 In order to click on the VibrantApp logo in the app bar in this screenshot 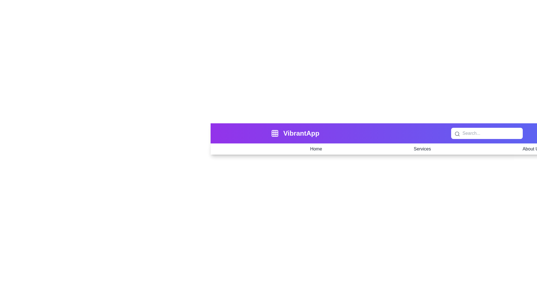, I will do `click(301, 133)`.